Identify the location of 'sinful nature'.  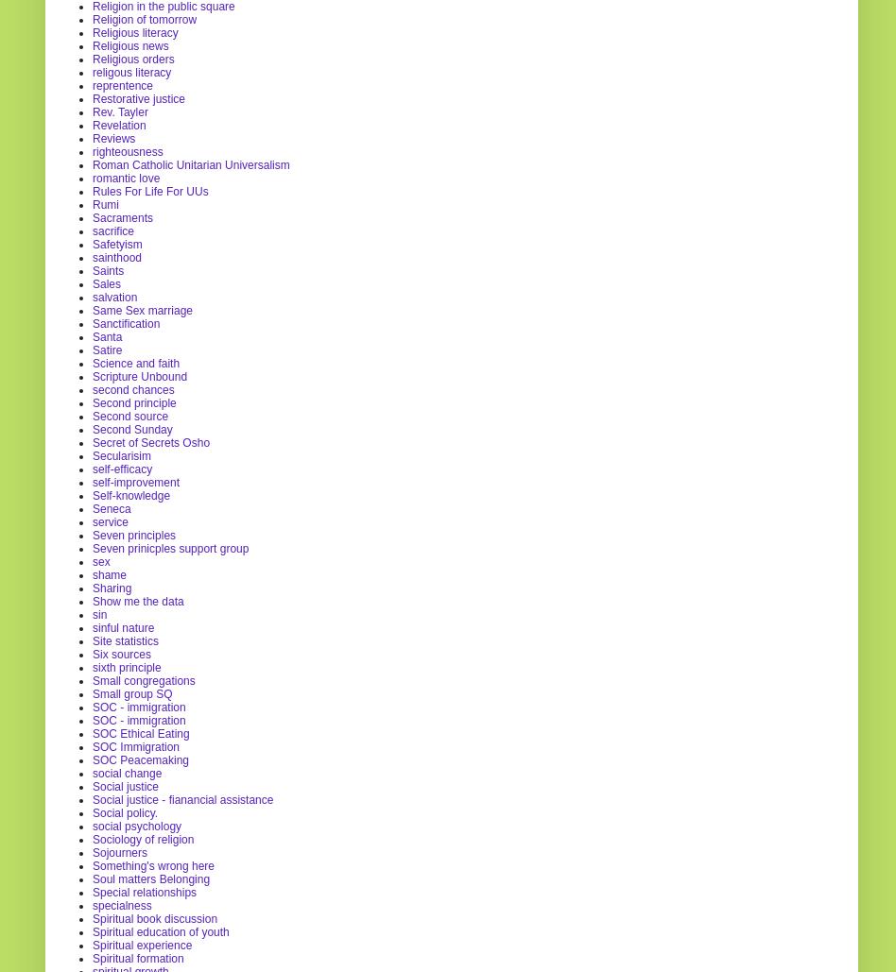
(122, 626).